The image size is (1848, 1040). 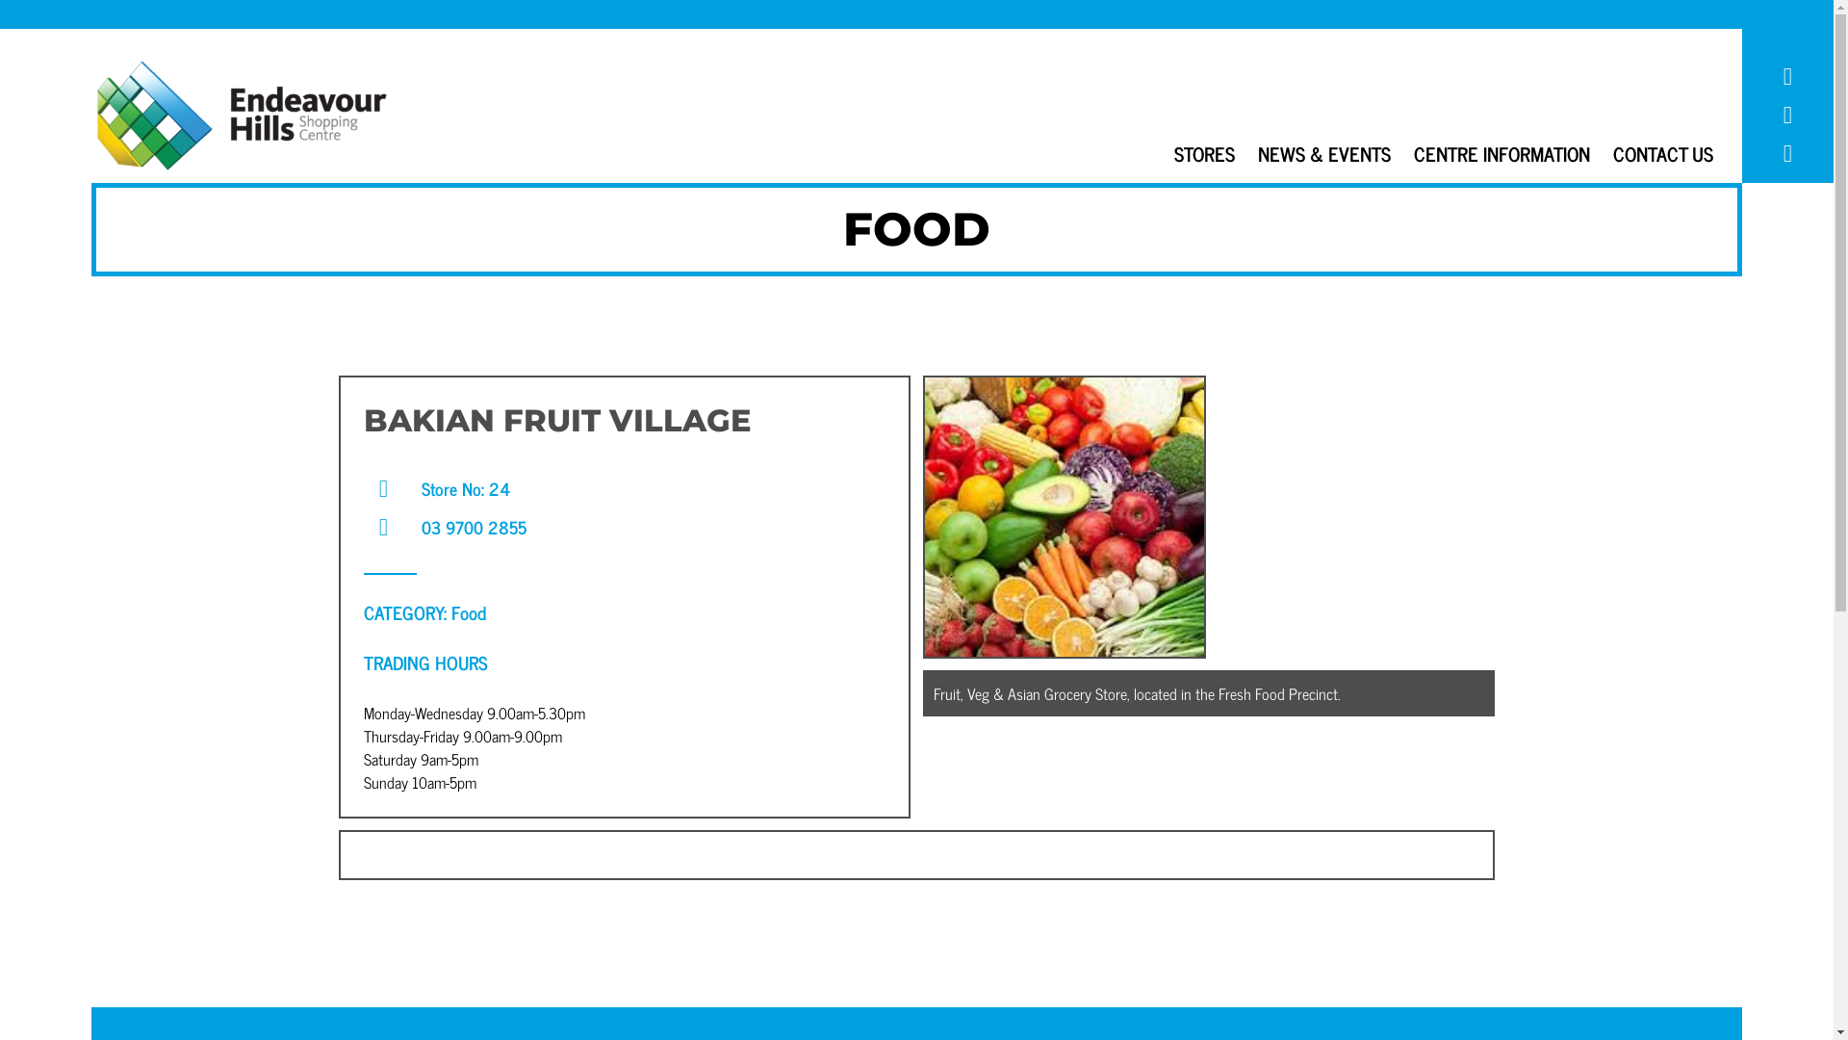 I want to click on 'CENTRE INFORMATION', so click(x=1501, y=152).